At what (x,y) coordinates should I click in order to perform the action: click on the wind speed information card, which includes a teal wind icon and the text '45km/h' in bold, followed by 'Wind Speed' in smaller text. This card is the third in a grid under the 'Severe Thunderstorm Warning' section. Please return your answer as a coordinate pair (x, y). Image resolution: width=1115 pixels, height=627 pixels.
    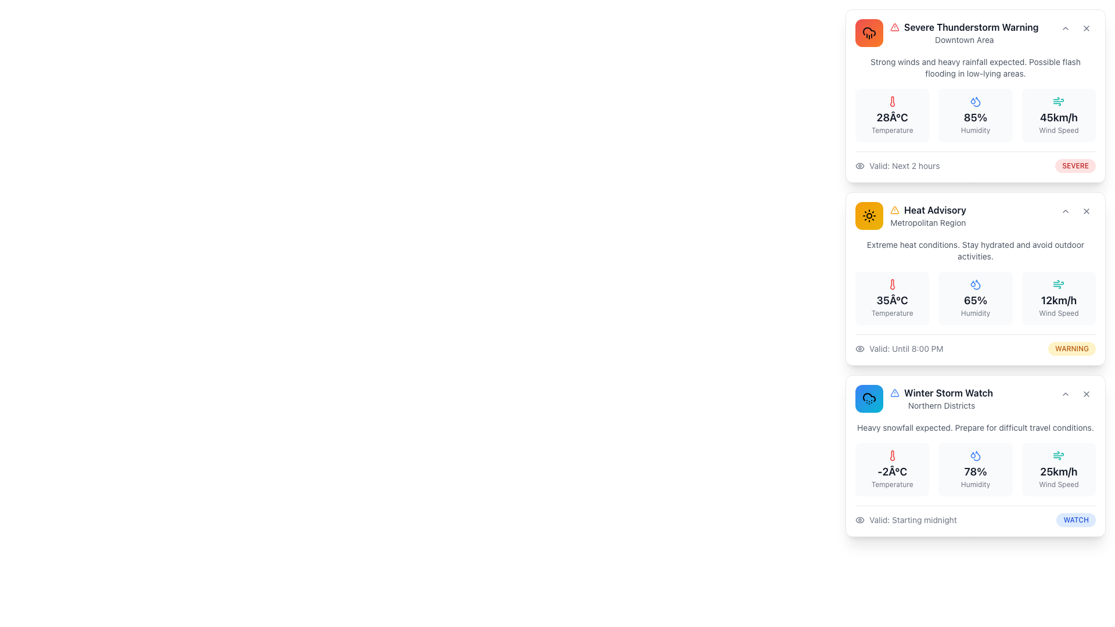
    Looking at the image, I should click on (1059, 116).